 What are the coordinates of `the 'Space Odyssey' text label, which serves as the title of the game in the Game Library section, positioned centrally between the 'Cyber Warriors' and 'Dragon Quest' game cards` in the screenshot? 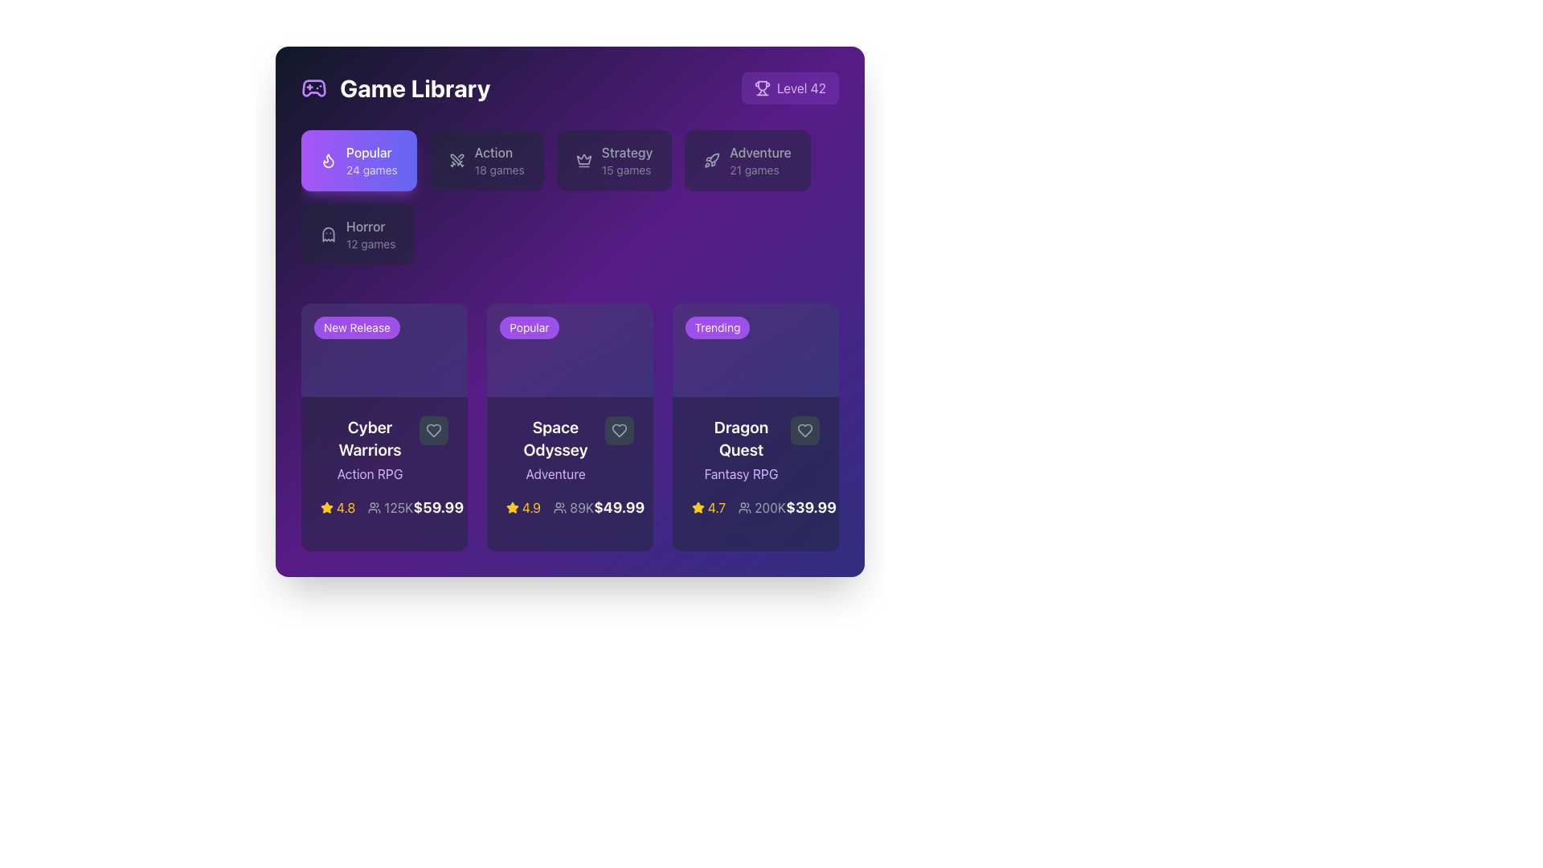 It's located at (555, 439).